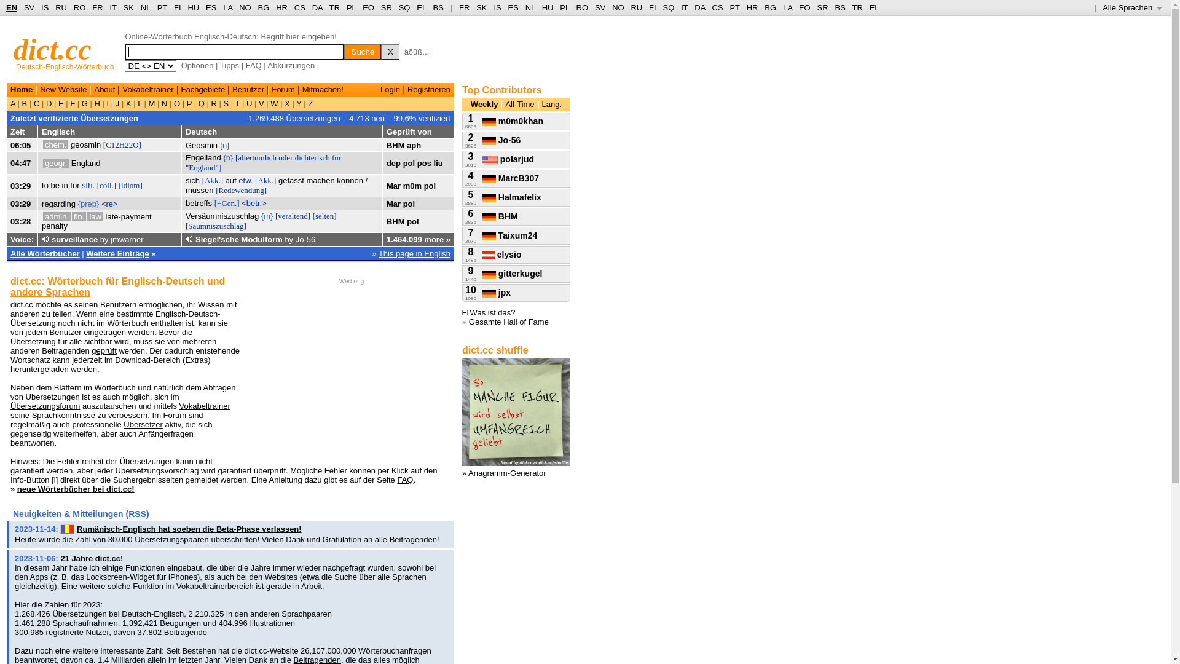 This screenshot has height=664, width=1180. What do you see at coordinates (398, 7) in the screenshot?
I see `'SQ'` at bounding box center [398, 7].